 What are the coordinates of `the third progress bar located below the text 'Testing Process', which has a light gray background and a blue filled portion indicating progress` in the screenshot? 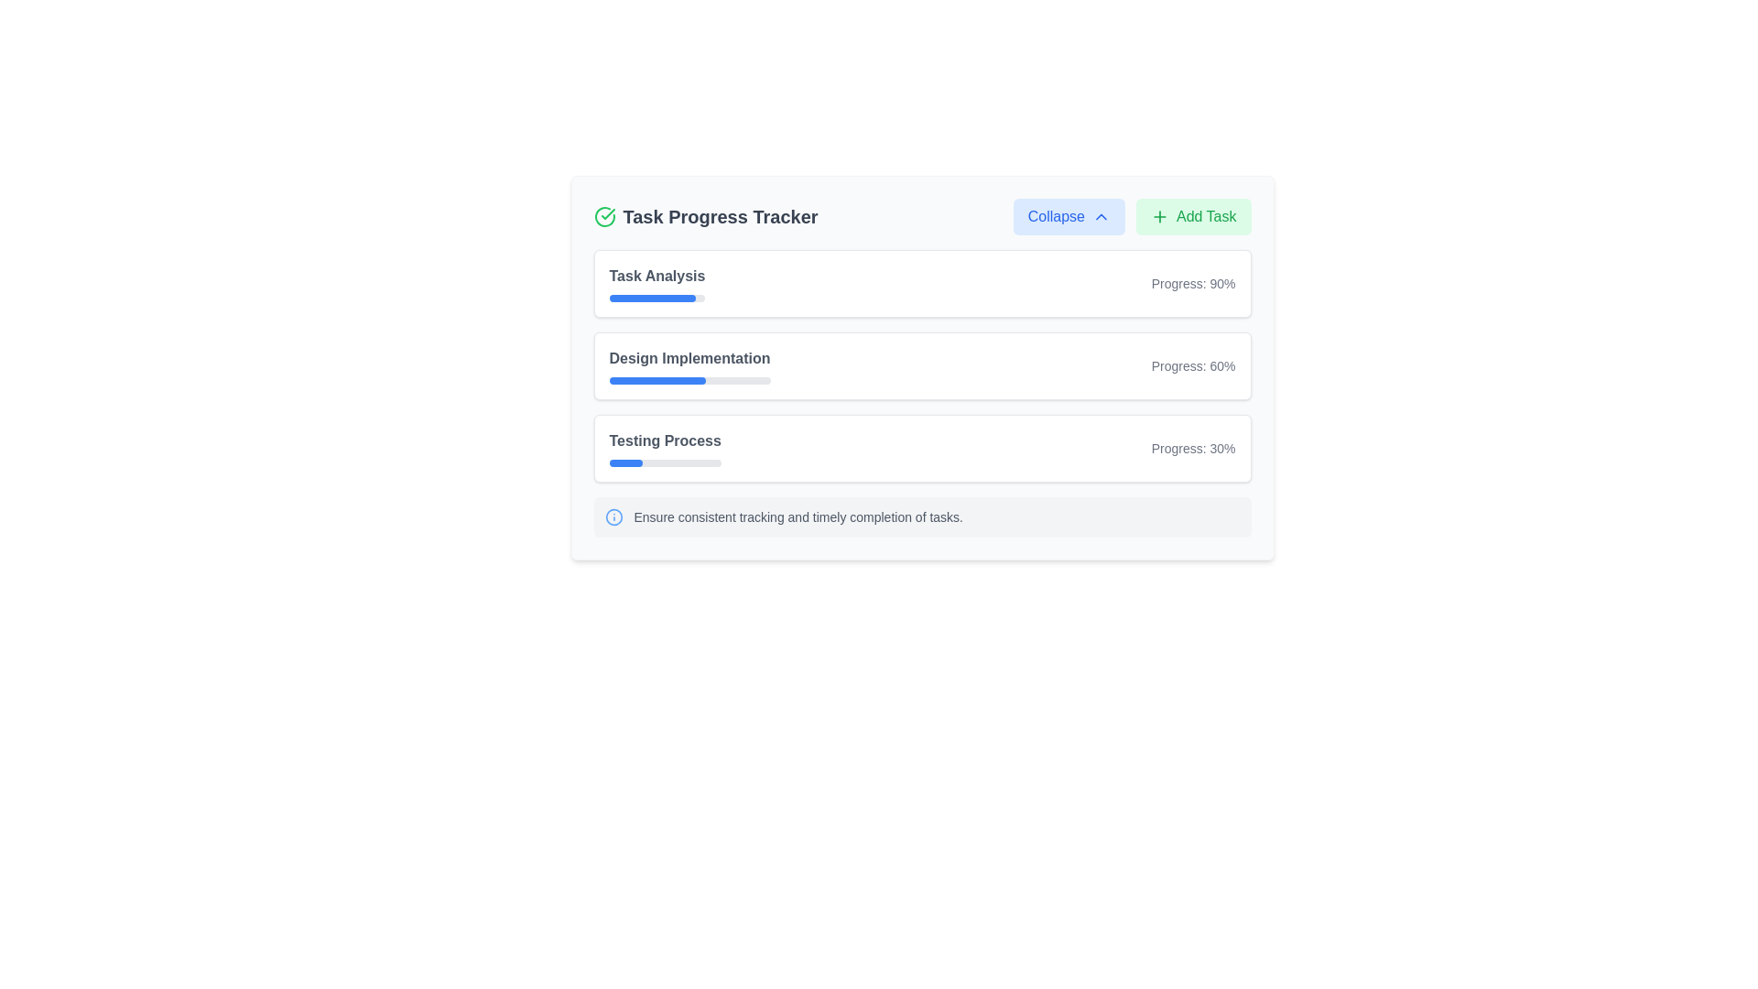 It's located at (664, 462).